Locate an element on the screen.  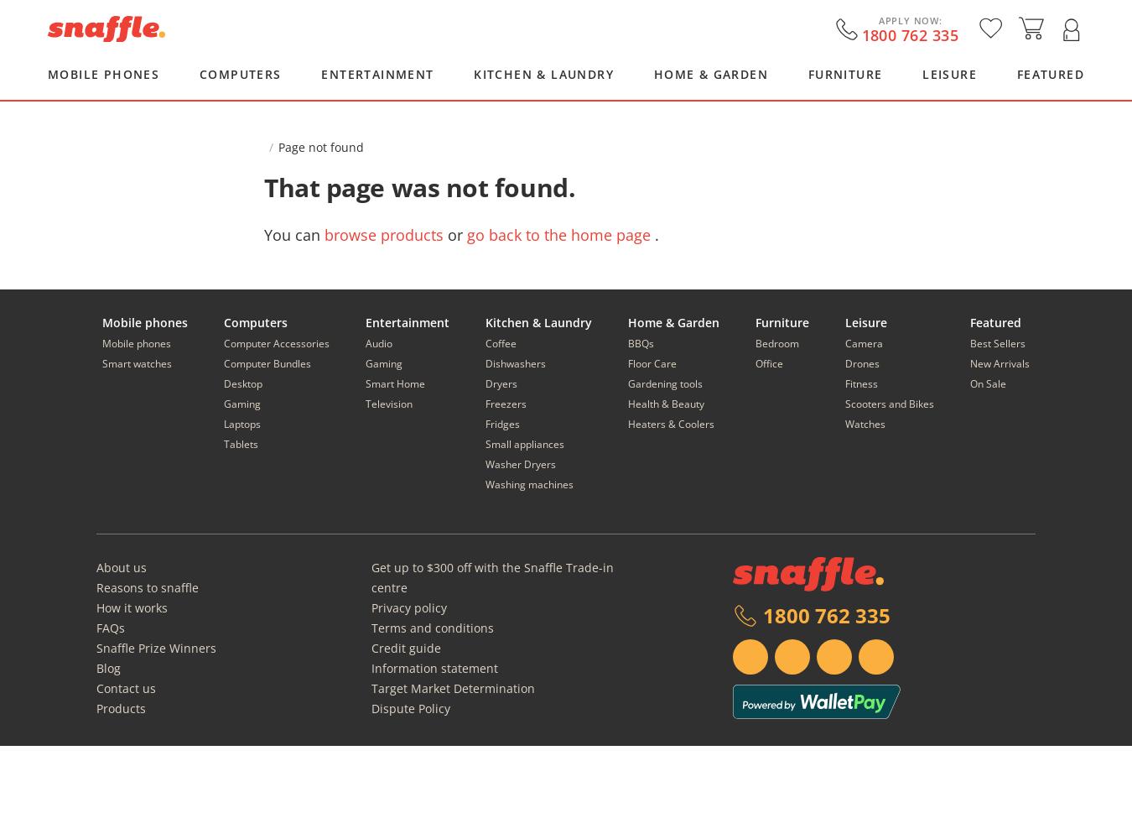
'Computers' is located at coordinates (254, 322).